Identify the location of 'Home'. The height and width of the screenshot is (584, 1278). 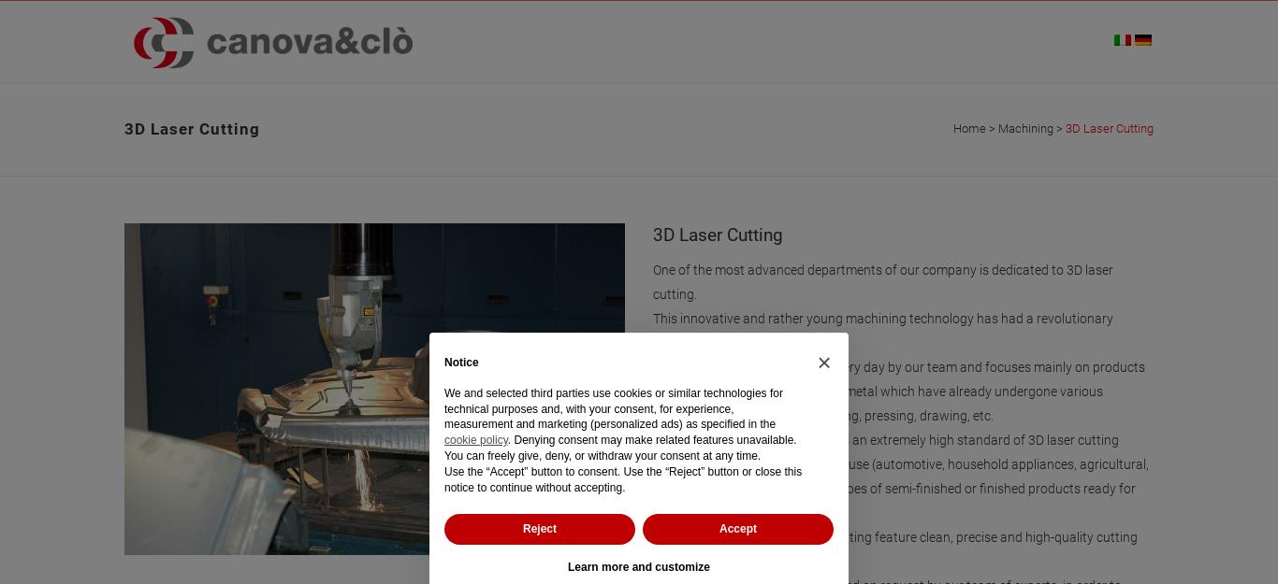
(968, 128).